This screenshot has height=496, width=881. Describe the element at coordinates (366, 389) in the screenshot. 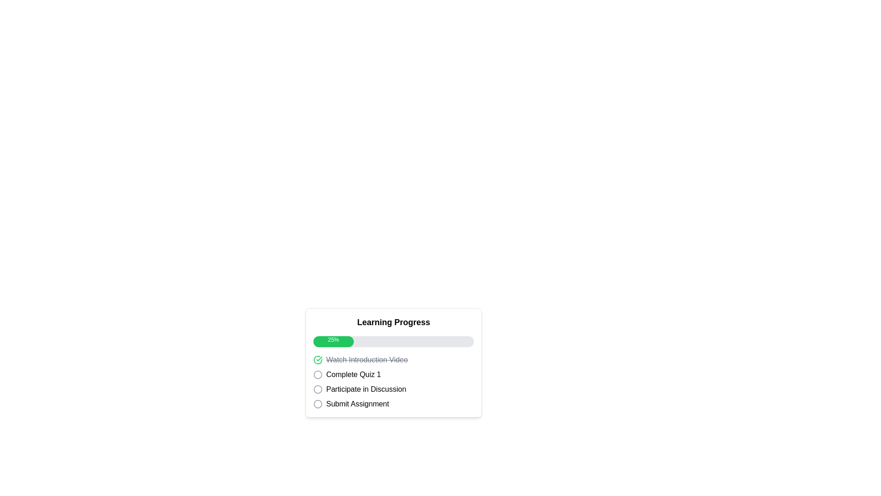

I see `the text label displaying 'Participate in Discussion', which is the third item in the checklist located between 'Complete Quiz 1' and 'Submit Assignment'` at that location.